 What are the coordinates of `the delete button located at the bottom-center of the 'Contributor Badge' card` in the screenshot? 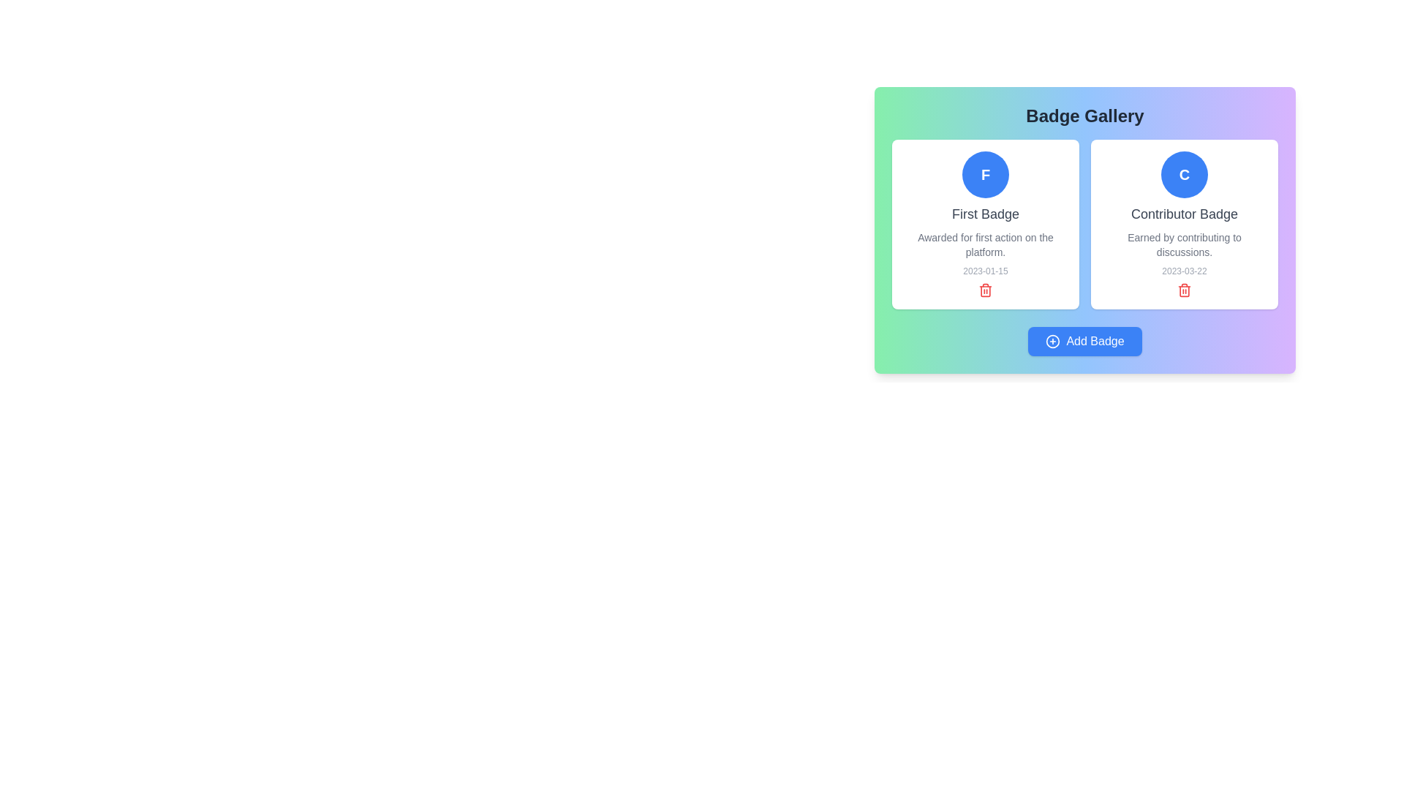 It's located at (1185, 290).